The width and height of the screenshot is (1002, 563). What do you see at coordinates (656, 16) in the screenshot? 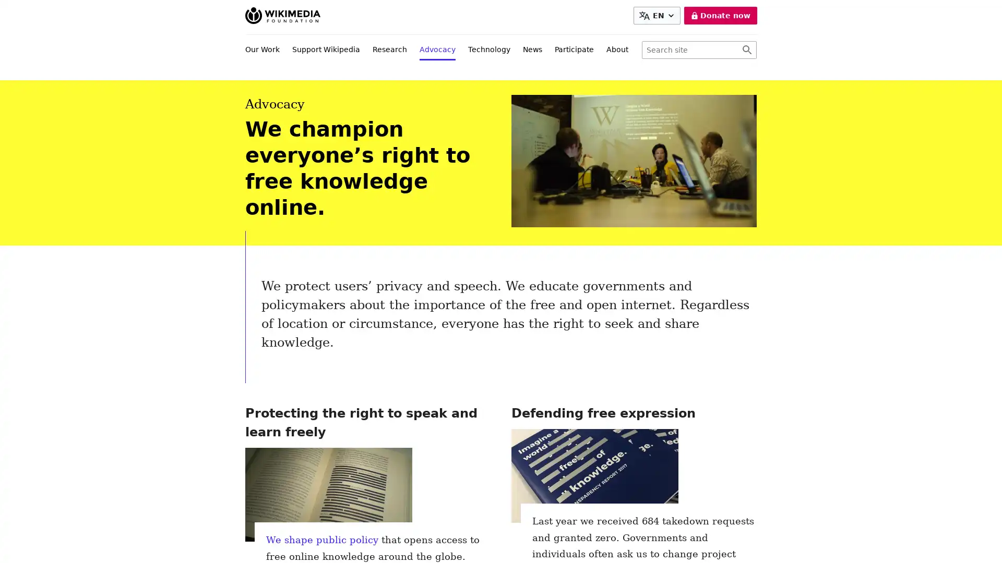
I see `CURRENT LANGUAGE: EN` at bounding box center [656, 16].